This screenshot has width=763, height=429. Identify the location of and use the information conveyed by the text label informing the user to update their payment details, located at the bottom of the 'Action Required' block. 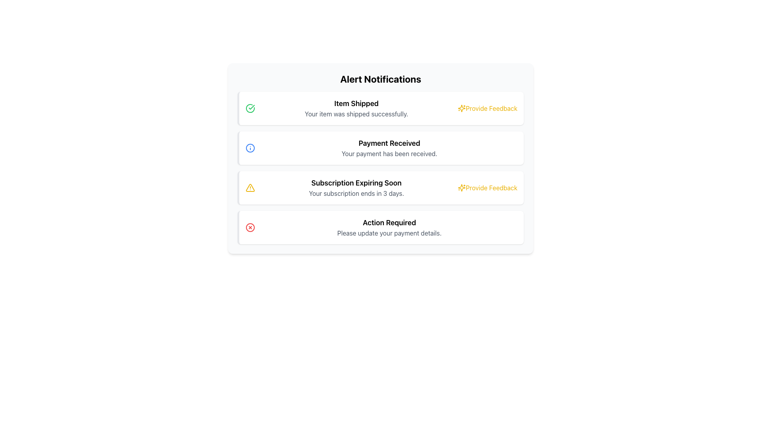
(389, 232).